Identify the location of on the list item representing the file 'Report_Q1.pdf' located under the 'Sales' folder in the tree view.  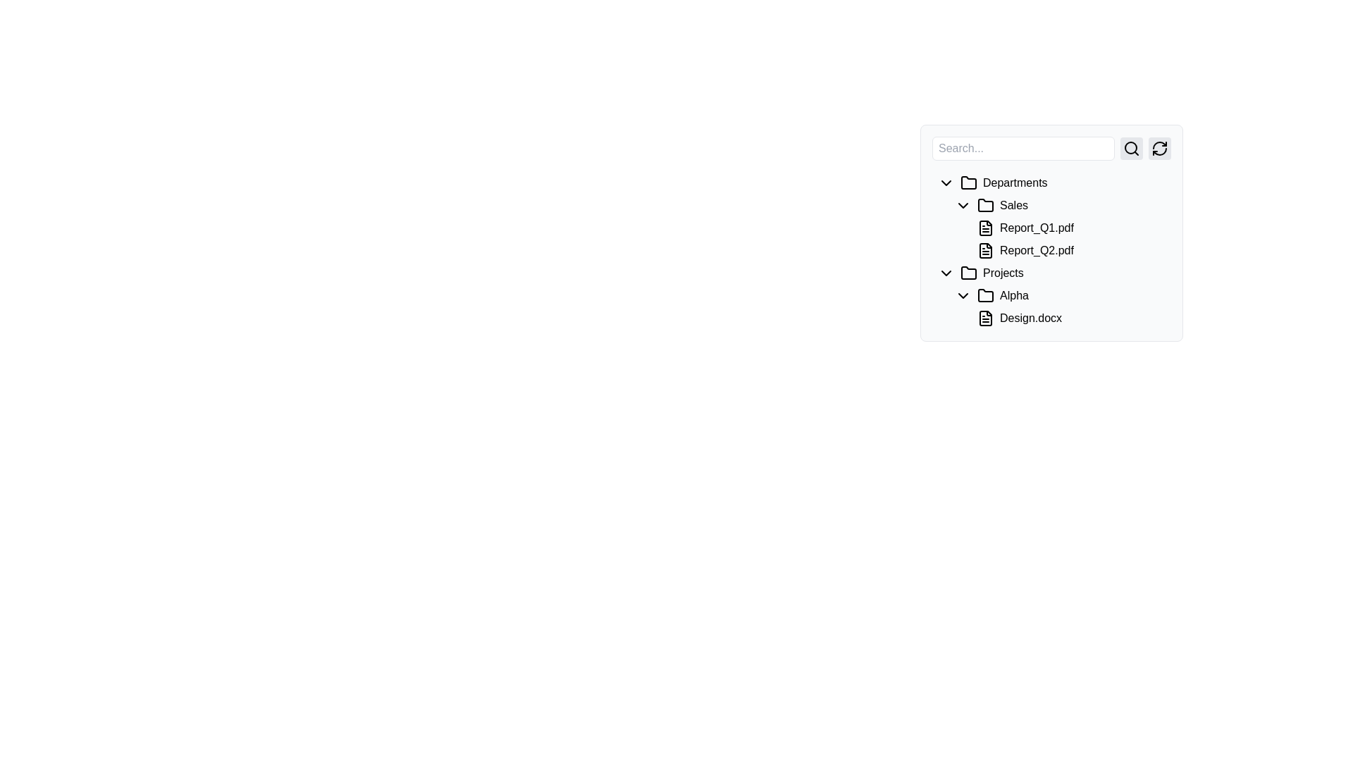
(1051, 217).